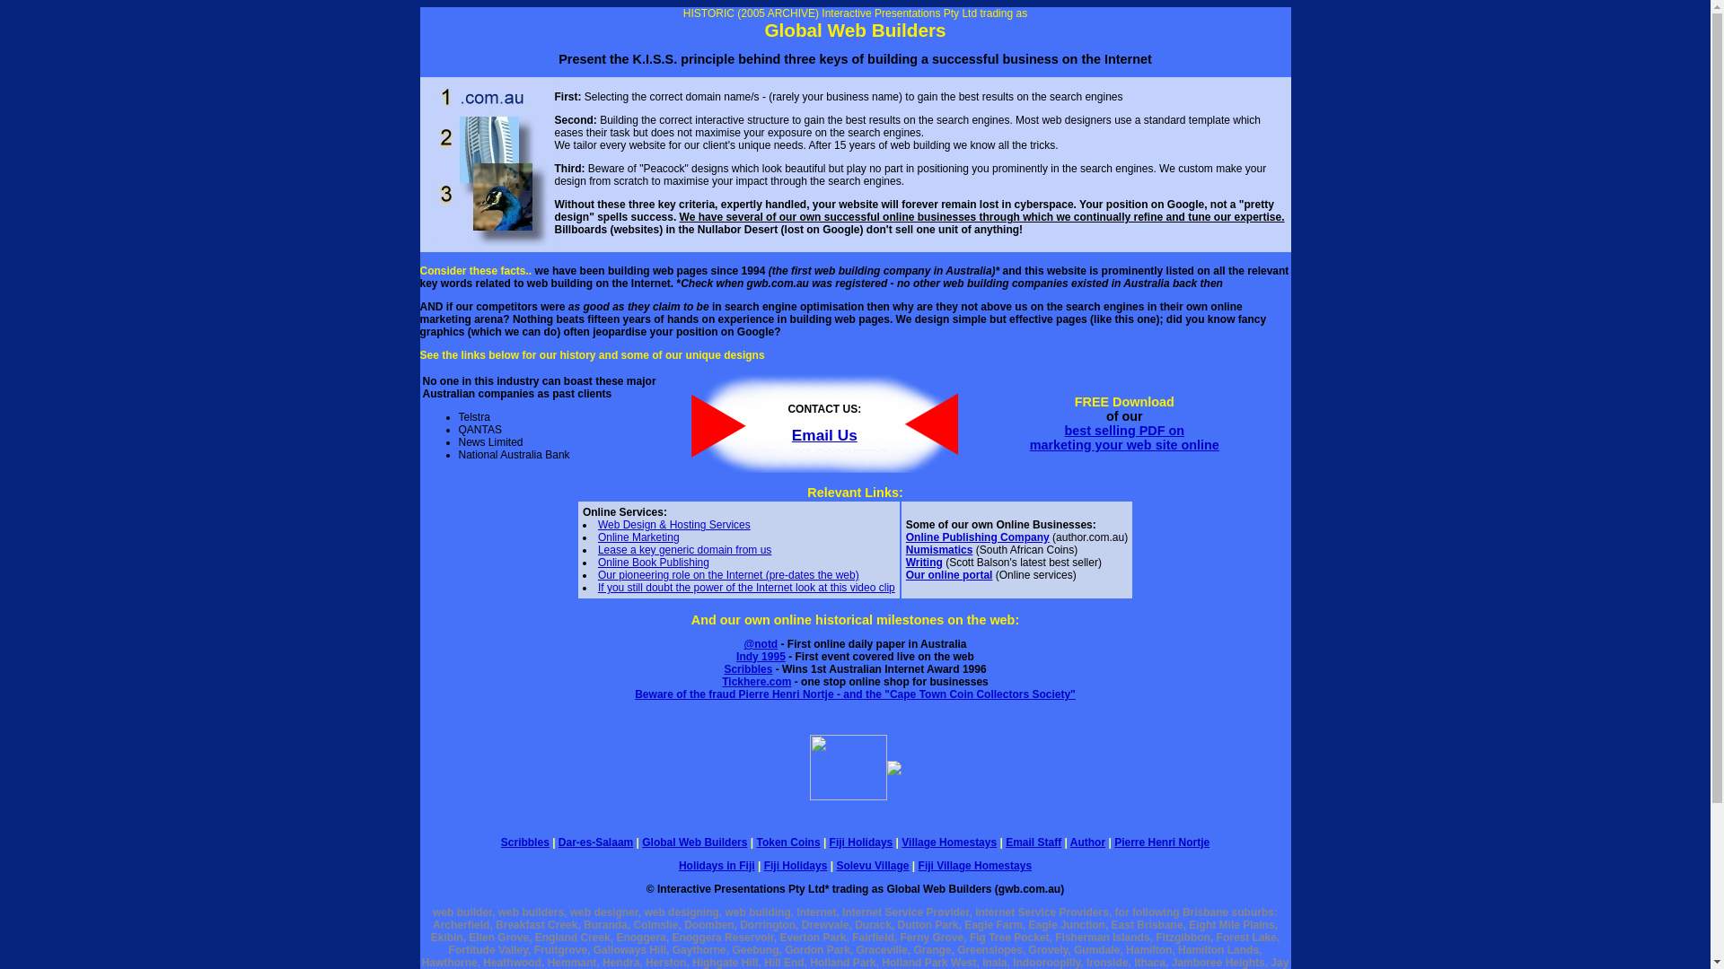 The image size is (1724, 969). Describe the element at coordinates (948, 574) in the screenshot. I see `'Our online portal'` at that location.